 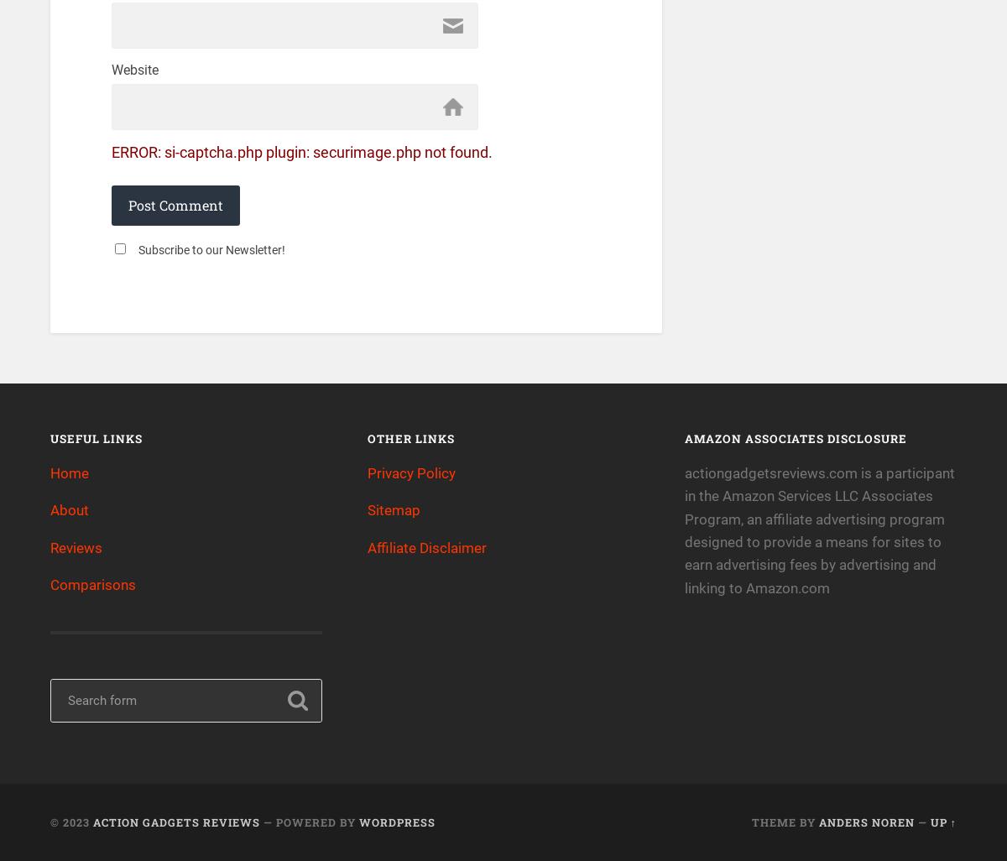 I want to click on 'Reviews', so click(x=50, y=547).